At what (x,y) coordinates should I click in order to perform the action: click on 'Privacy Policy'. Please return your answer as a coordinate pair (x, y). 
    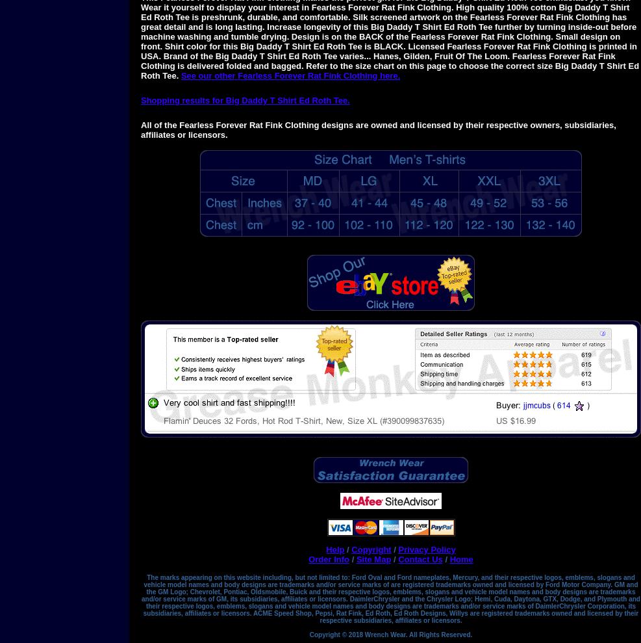
    Looking at the image, I should click on (427, 549).